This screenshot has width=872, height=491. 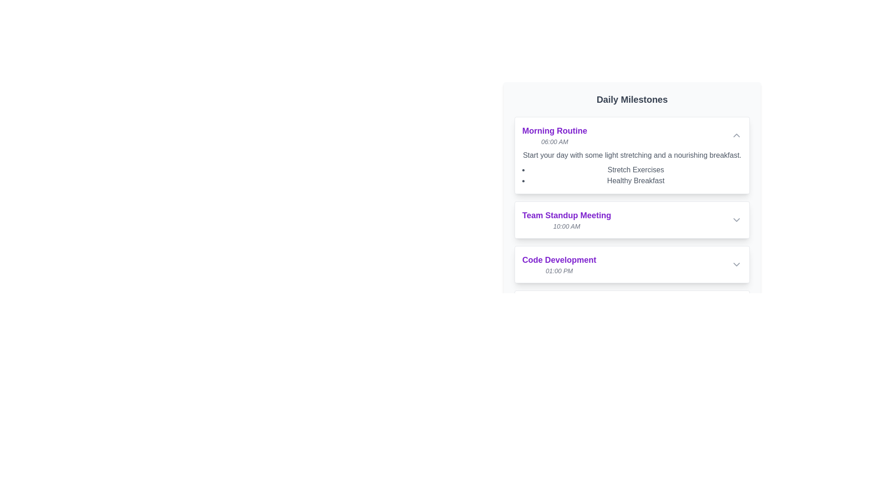 I want to click on the Text Label that displays the scheduled time for the 'Team Standup Meeting' event, located below the title within the middle section of the interface, so click(x=566, y=225).